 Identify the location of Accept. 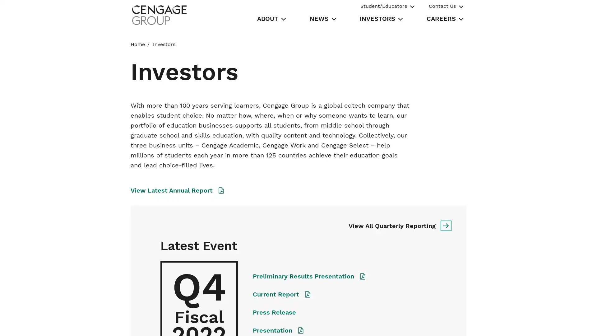
(479, 324).